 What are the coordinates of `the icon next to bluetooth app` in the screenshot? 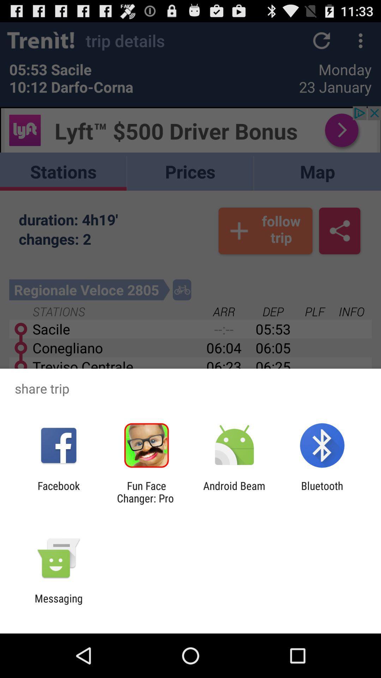 It's located at (234, 492).